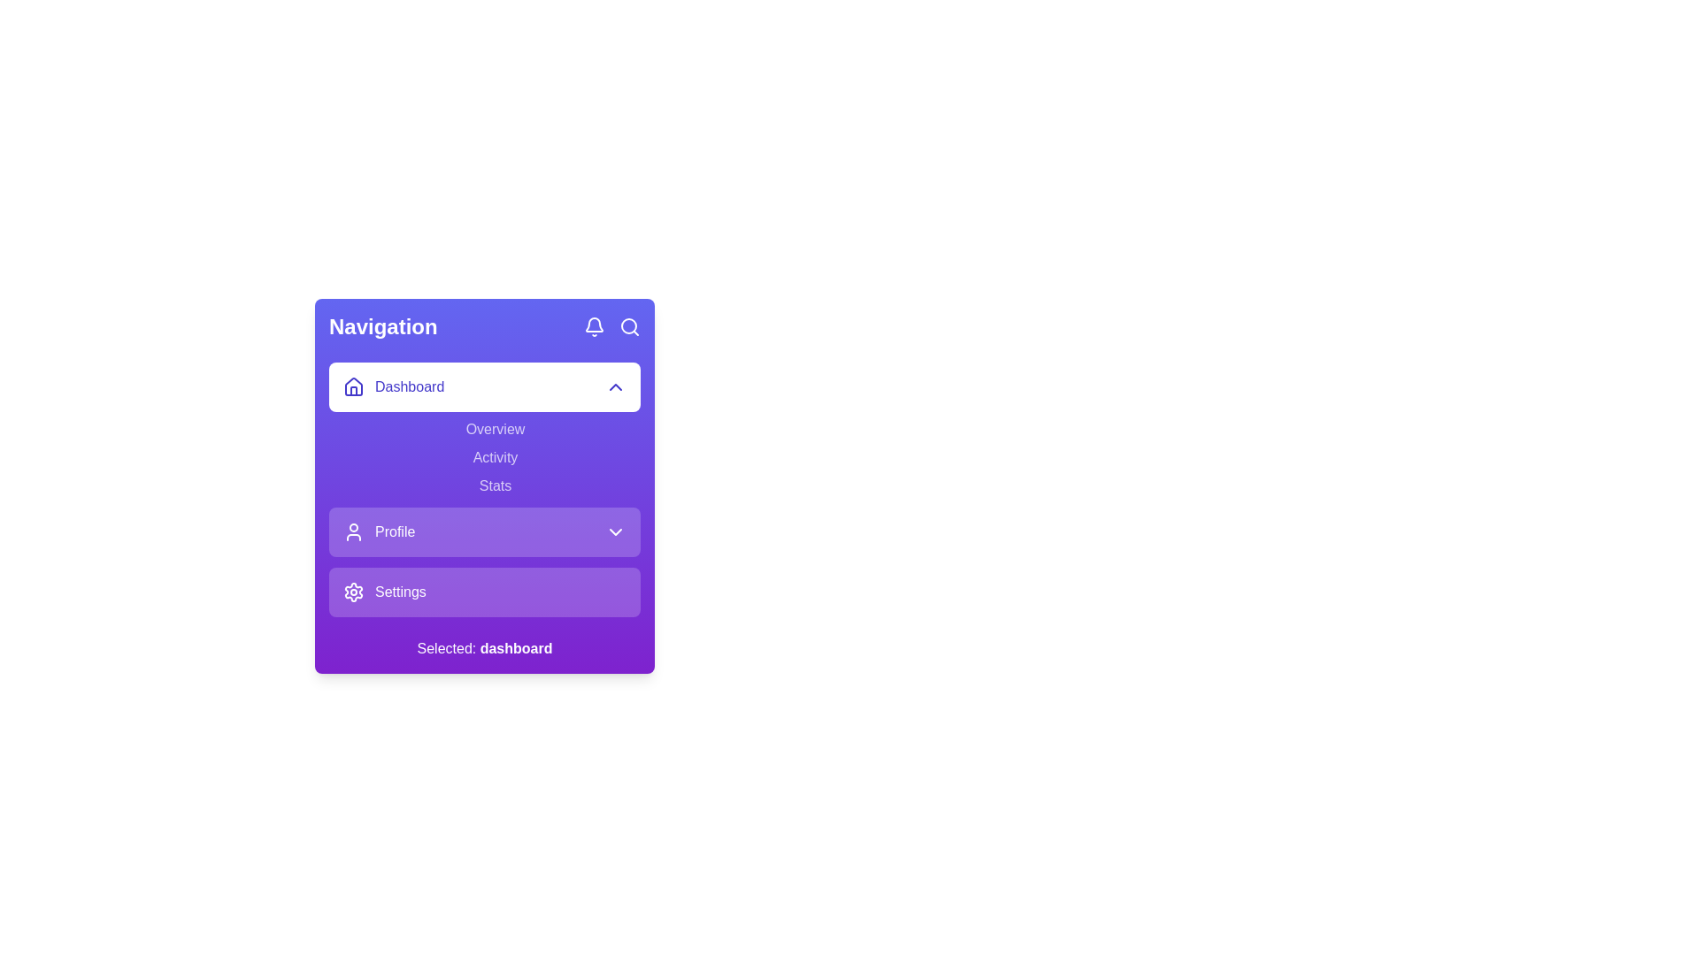 This screenshot has width=1699, height=955. Describe the element at coordinates (353, 531) in the screenshot. I see `the user icon on the purple background, which is located to the left of the text 'Profile' in the navigation panel` at that location.